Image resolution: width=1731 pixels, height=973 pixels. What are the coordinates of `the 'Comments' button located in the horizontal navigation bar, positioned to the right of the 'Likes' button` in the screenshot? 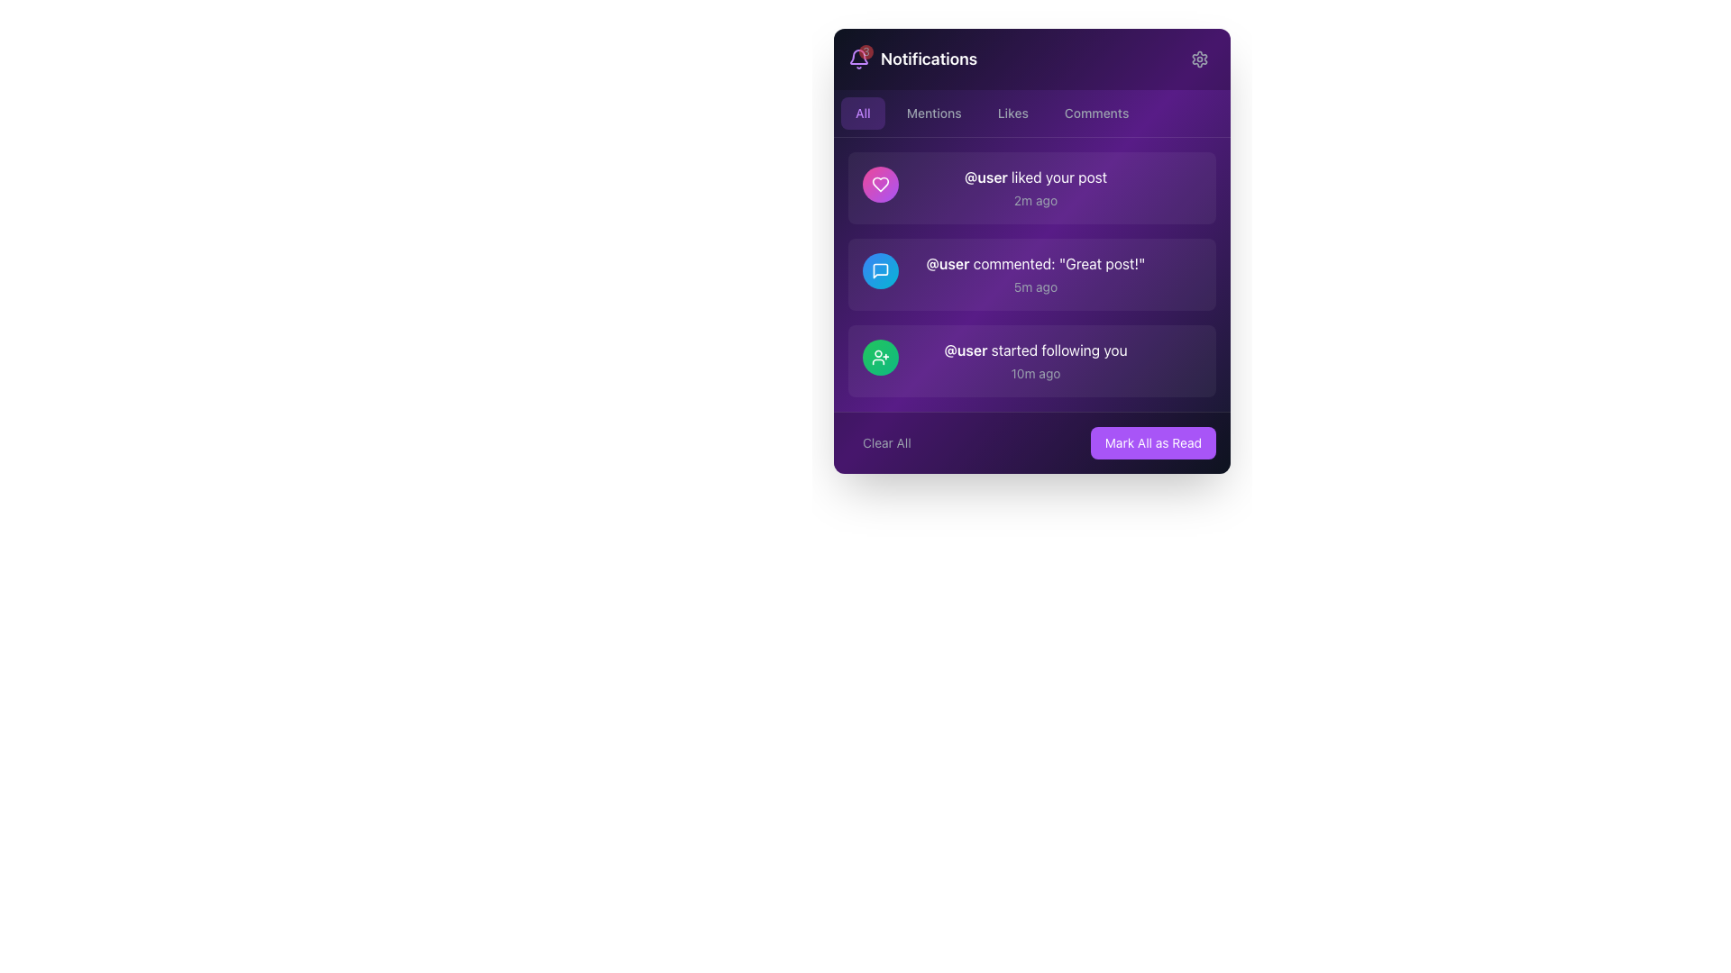 It's located at (1095, 114).